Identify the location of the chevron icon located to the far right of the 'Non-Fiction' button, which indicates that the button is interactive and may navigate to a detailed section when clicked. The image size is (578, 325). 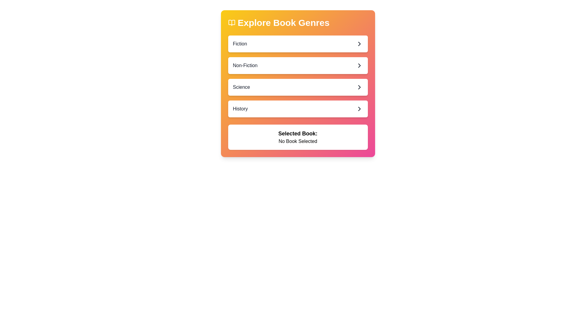
(359, 66).